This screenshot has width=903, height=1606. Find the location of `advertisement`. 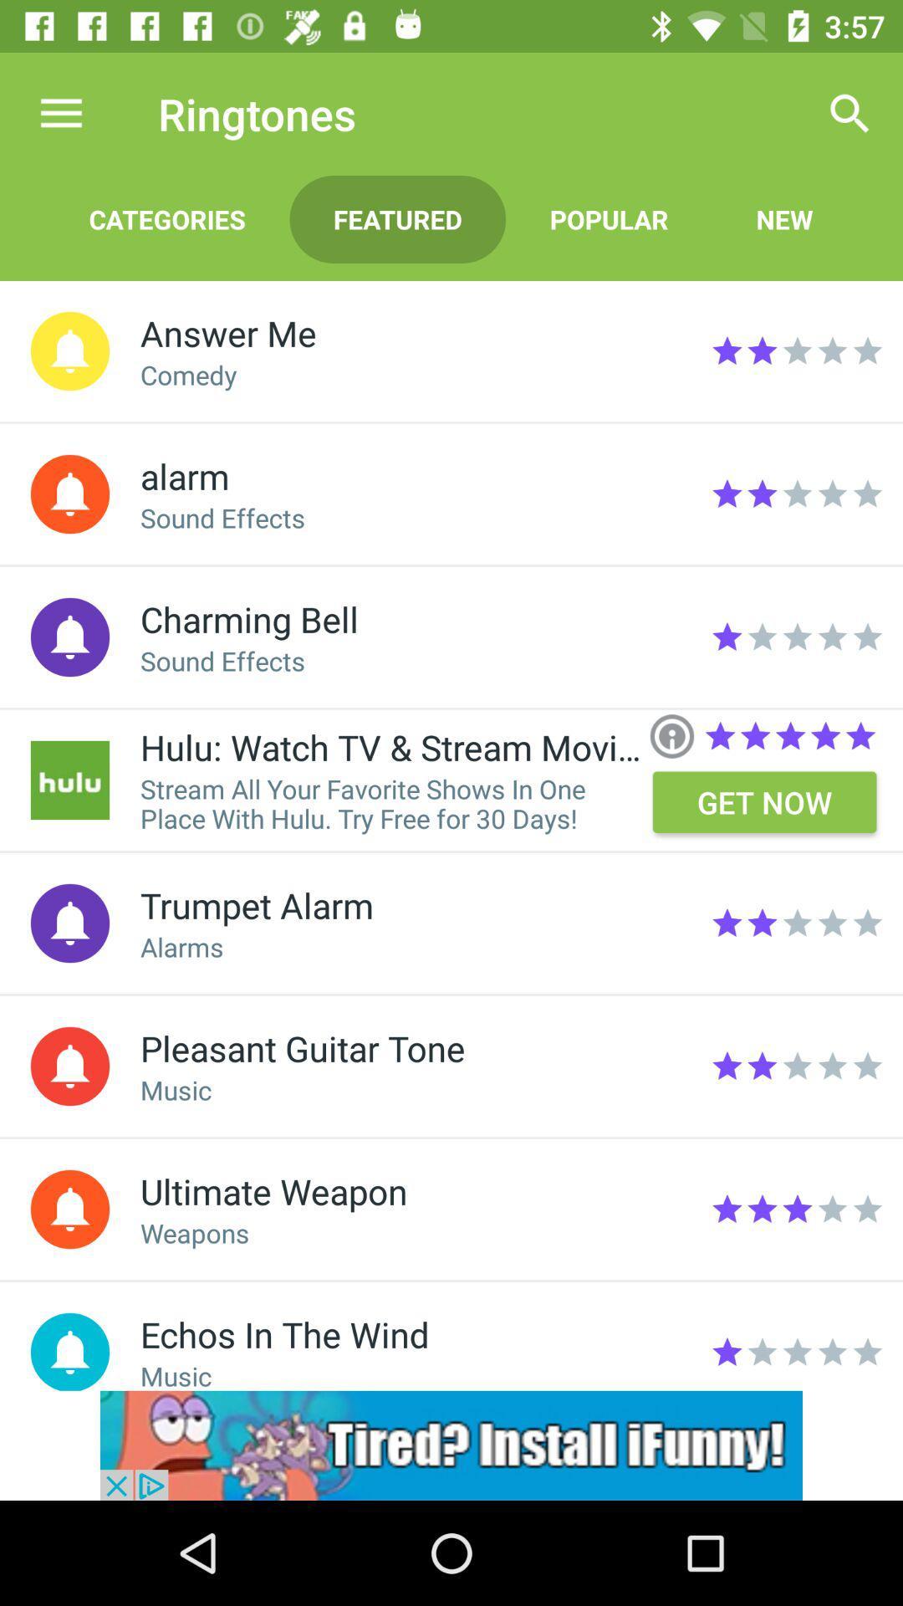

advertisement is located at coordinates (451, 1445).